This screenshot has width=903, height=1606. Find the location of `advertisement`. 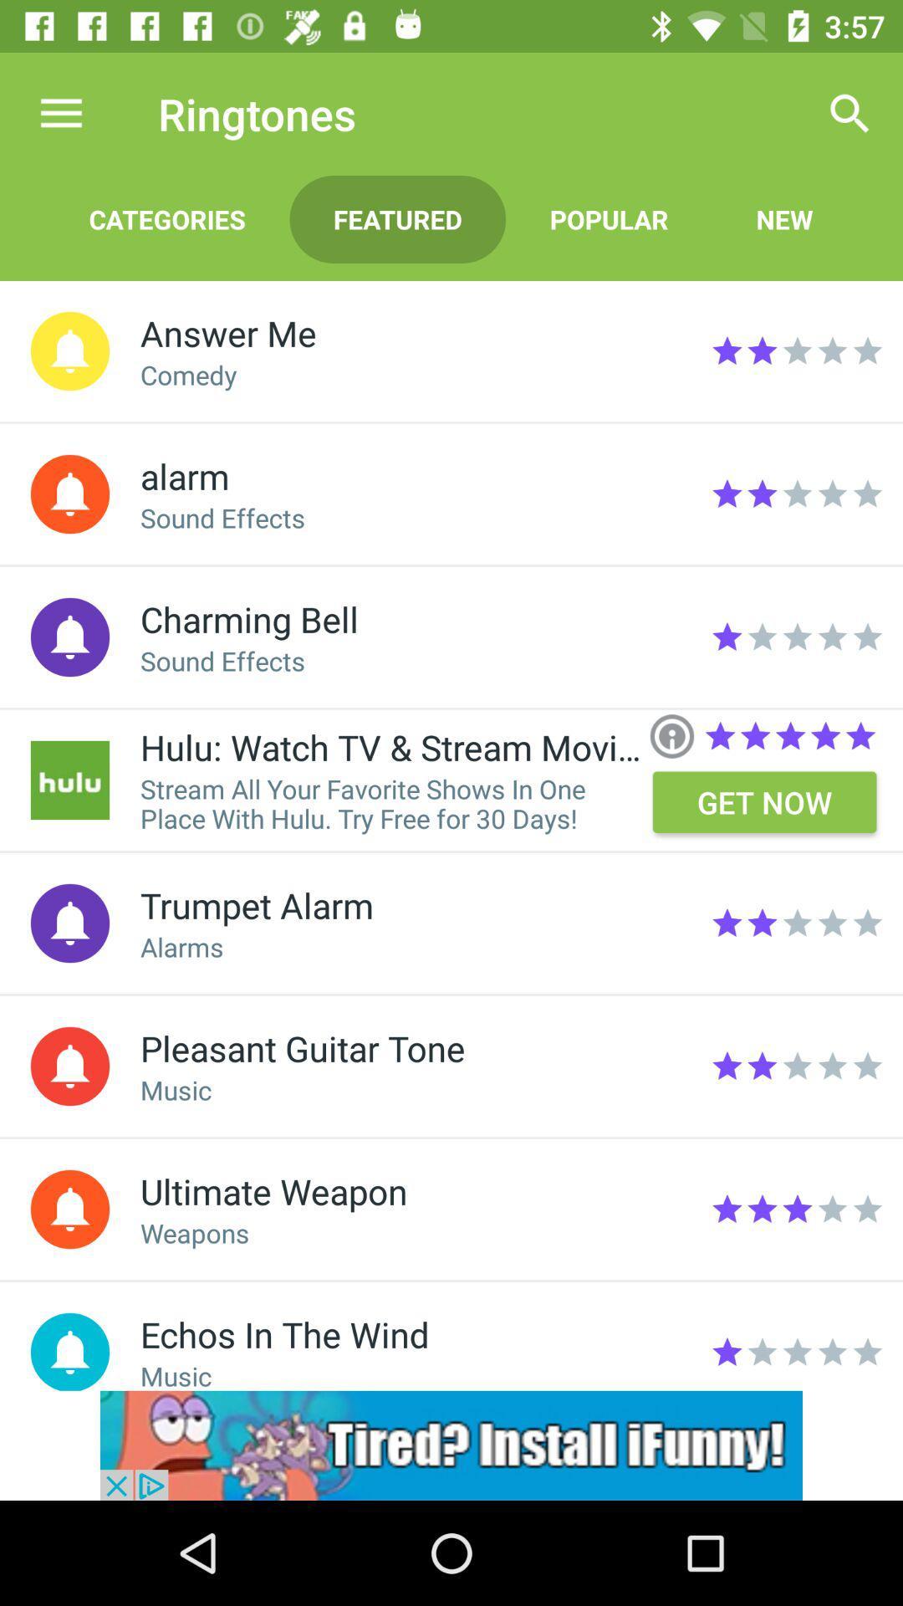

advertisement is located at coordinates (451, 1445).